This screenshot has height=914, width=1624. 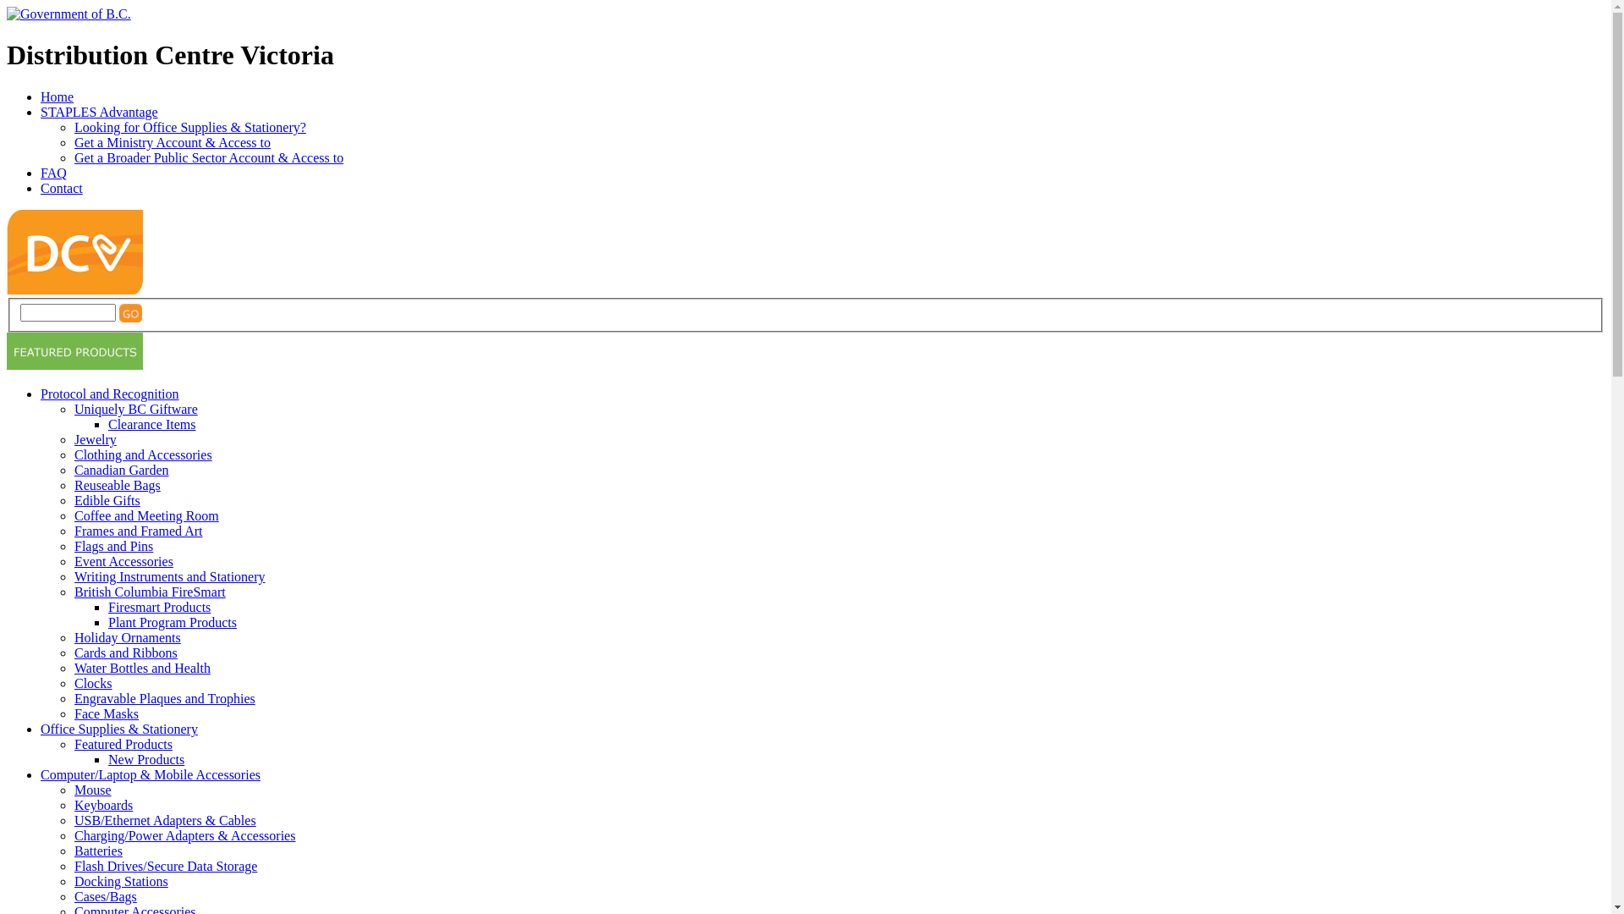 What do you see at coordinates (126, 637) in the screenshot?
I see `'Holiday Ornaments'` at bounding box center [126, 637].